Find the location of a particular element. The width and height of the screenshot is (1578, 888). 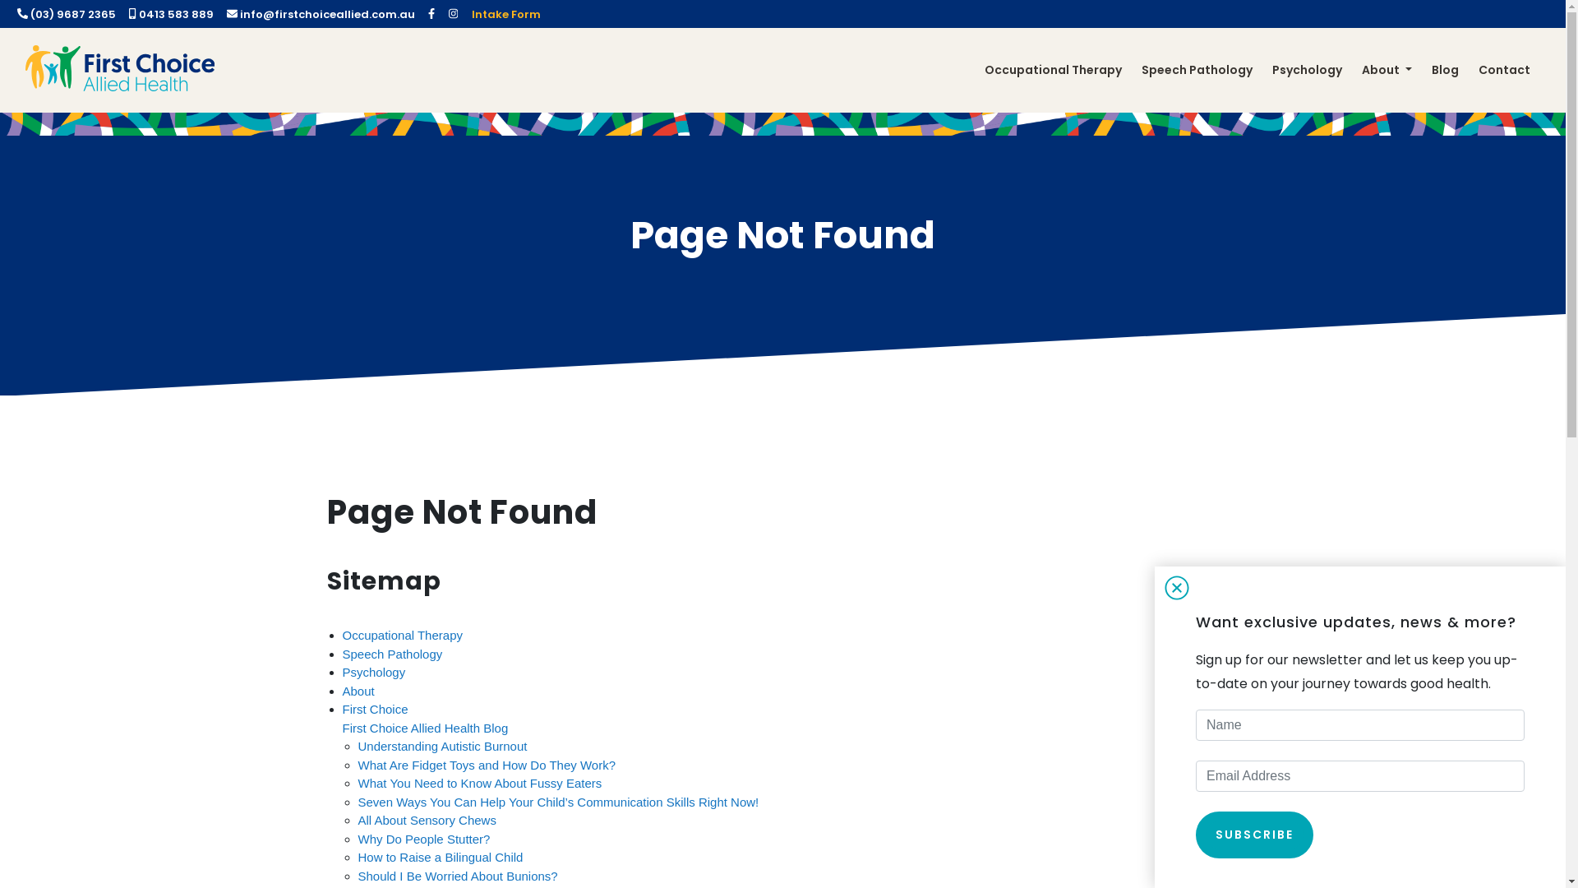

'Psychology' is located at coordinates (372, 672).